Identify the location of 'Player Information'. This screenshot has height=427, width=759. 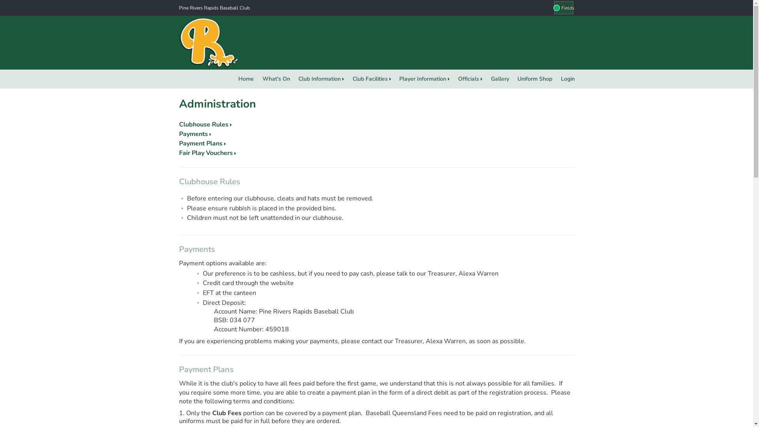
(424, 79).